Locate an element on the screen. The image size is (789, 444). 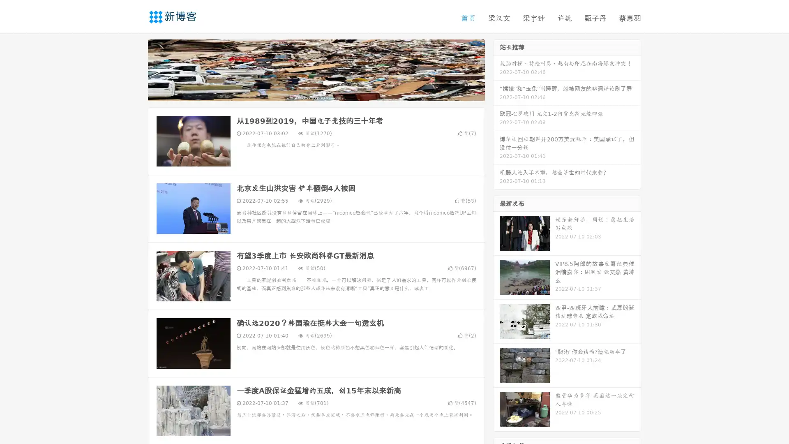
Go to slide 1 is located at coordinates (307, 92).